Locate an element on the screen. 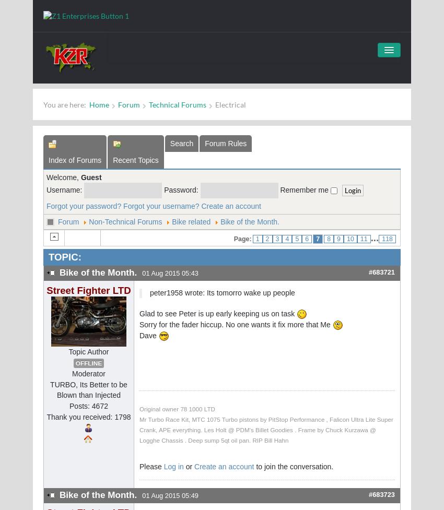 Image resolution: width=444 pixels, height=510 pixels. 'Moderator' is located at coordinates (88, 374).